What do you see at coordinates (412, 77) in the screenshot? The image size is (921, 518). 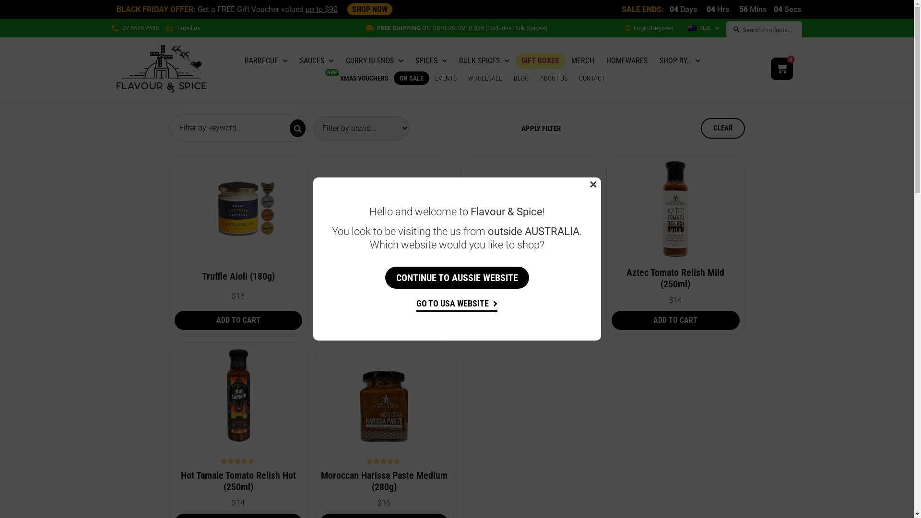 I see `'ON SALE'` at bounding box center [412, 77].